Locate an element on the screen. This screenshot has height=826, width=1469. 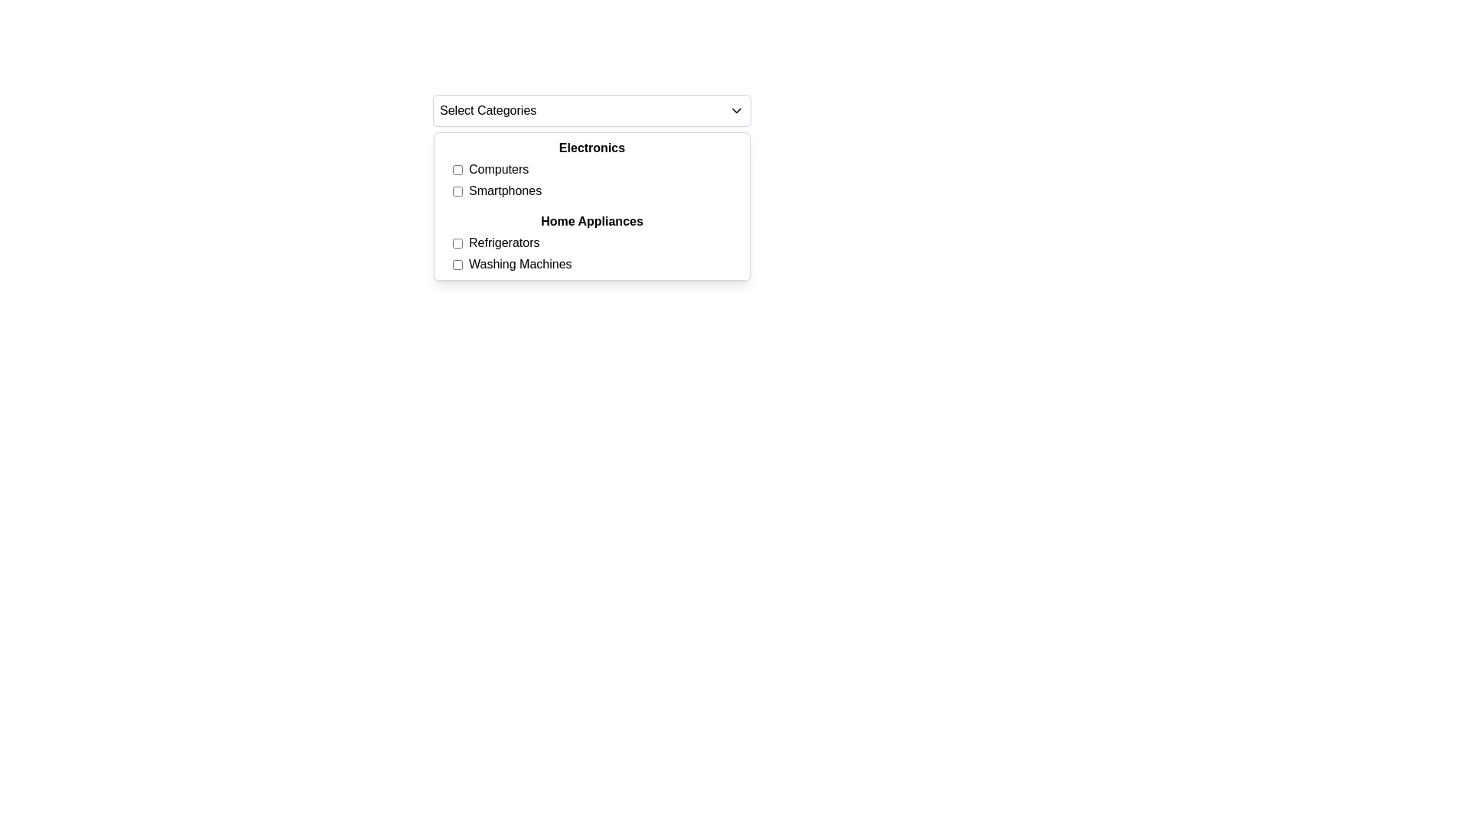
the checkbox for the 'Computers' category, which is positioned to the far-left of the list item under the 'Electronics' dropdown menu is located at coordinates (457, 170).